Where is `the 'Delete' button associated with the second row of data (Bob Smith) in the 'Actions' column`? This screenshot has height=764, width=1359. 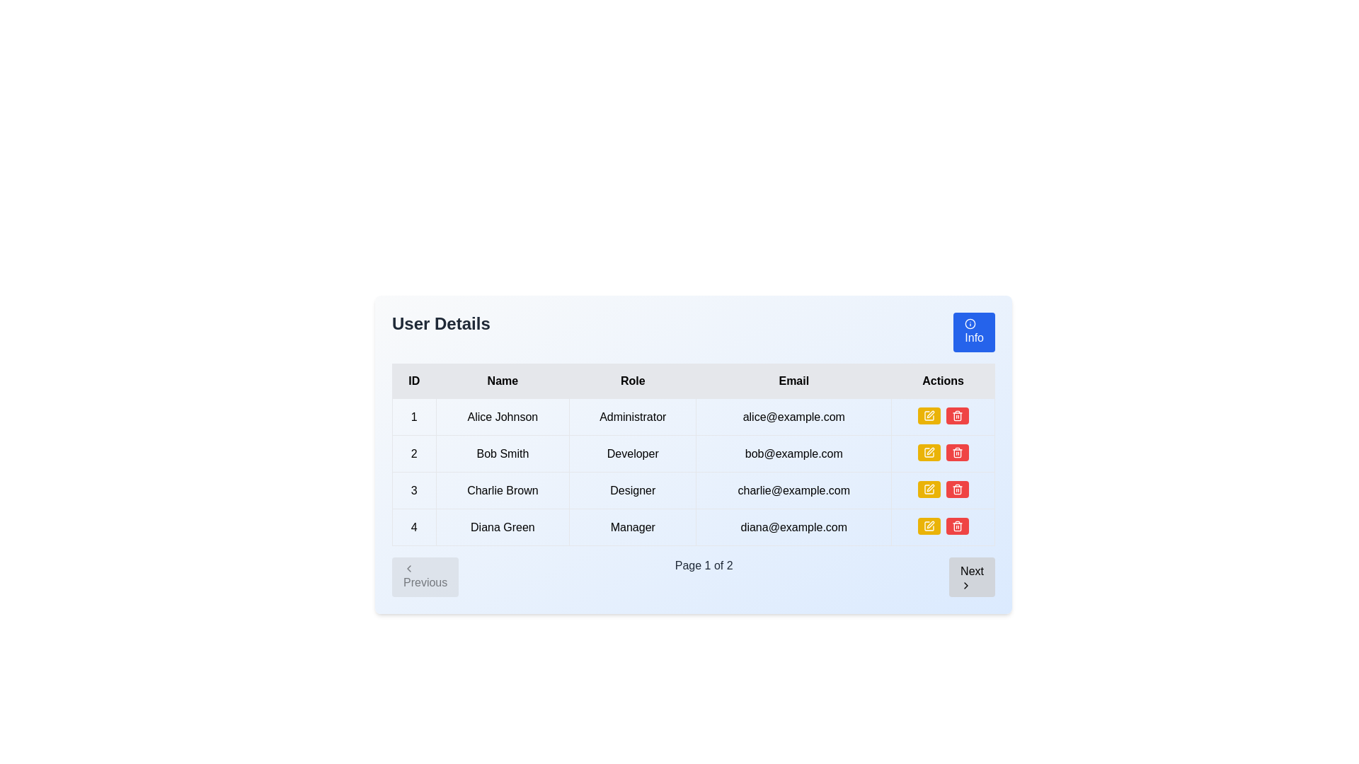
the 'Delete' button associated with the second row of data (Bob Smith) in the 'Actions' column is located at coordinates (957, 415).